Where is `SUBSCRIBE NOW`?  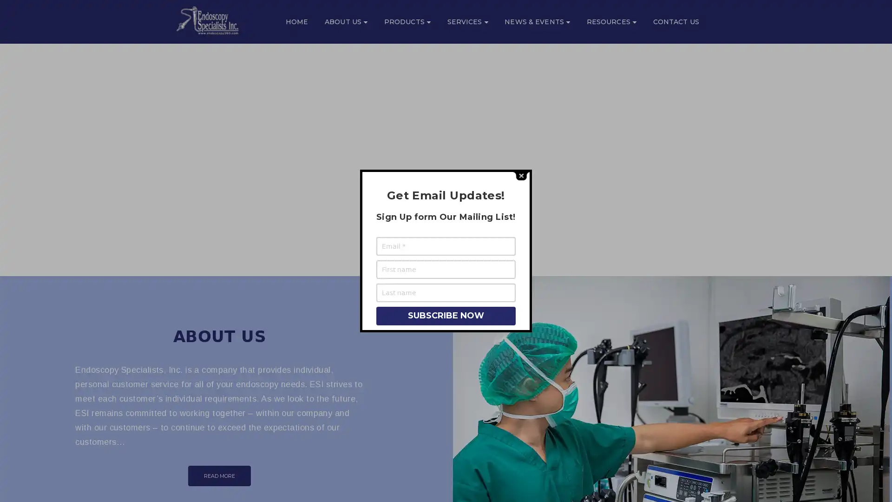 SUBSCRIBE NOW is located at coordinates (445, 315).